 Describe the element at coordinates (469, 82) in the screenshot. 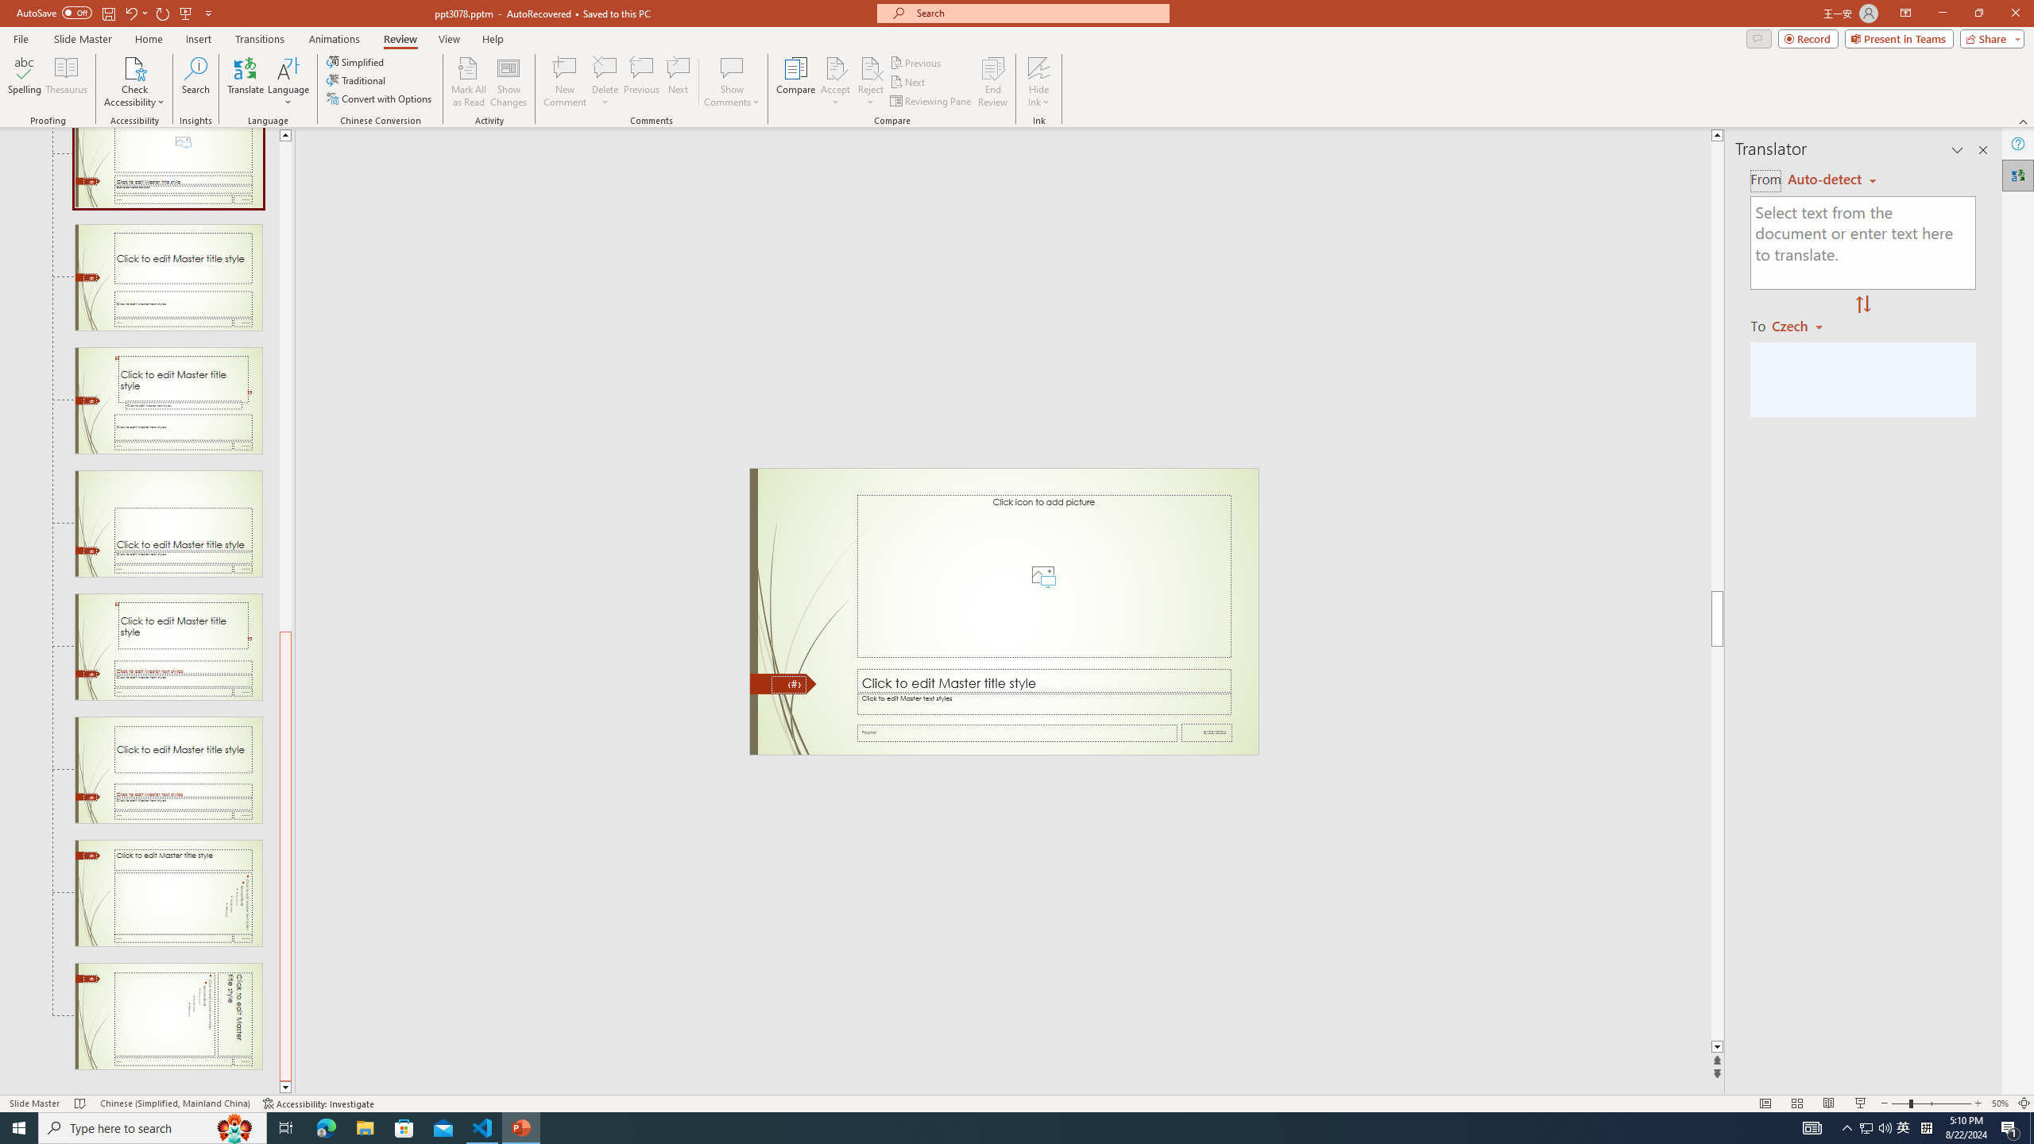

I see `'Mark All as Read'` at that location.